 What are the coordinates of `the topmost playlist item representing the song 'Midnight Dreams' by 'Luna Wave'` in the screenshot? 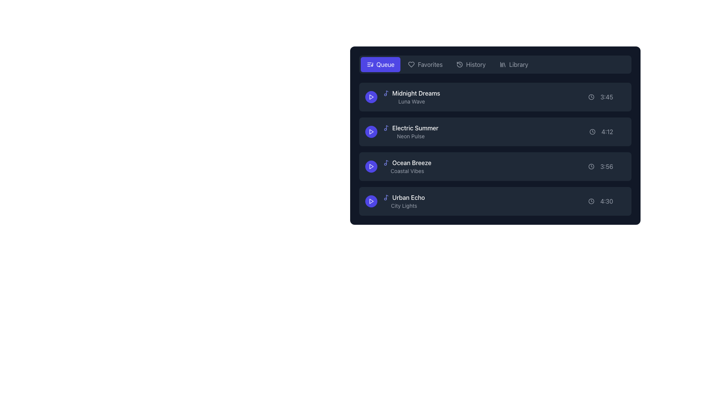 It's located at (495, 97).